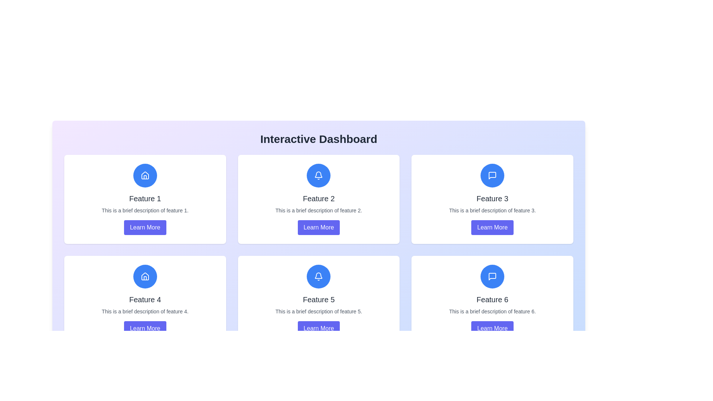 Image resolution: width=713 pixels, height=401 pixels. Describe the element at coordinates (145, 176) in the screenshot. I see `the blue circular icon representing 'Feature 1' card, located at the top-left corner of the layout grid` at that location.